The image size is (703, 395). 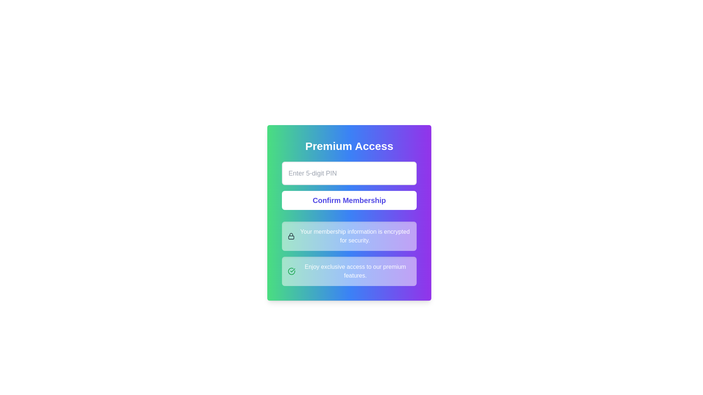 I want to click on the rectangular button with white background and indigo text labeled 'Confirm Membership' to observe the styling change indicating interactivity, so click(x=349, y=200).